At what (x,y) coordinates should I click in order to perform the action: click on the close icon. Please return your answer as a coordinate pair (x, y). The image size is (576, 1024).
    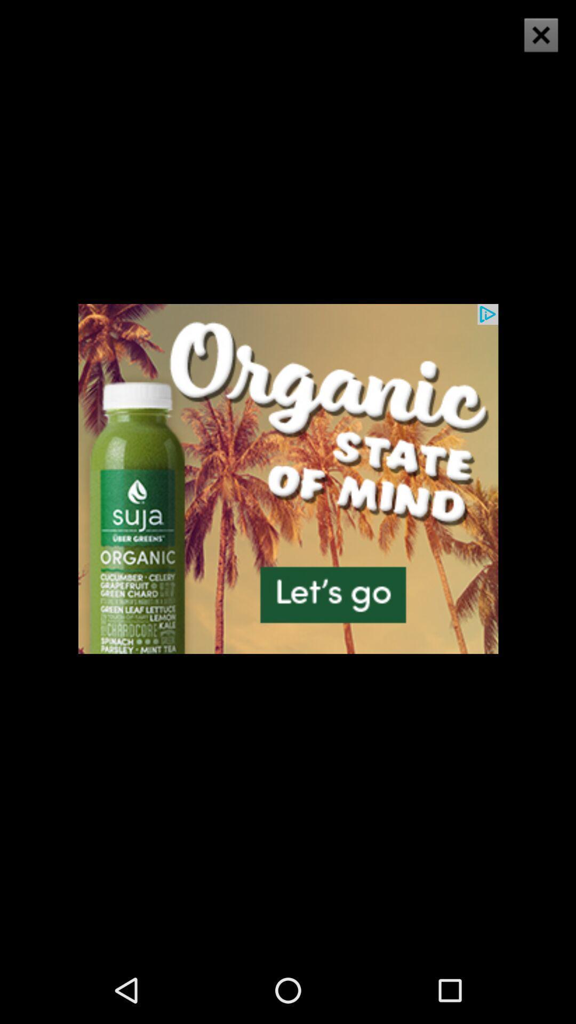
    Looking at the image, I should click on (541, 35).